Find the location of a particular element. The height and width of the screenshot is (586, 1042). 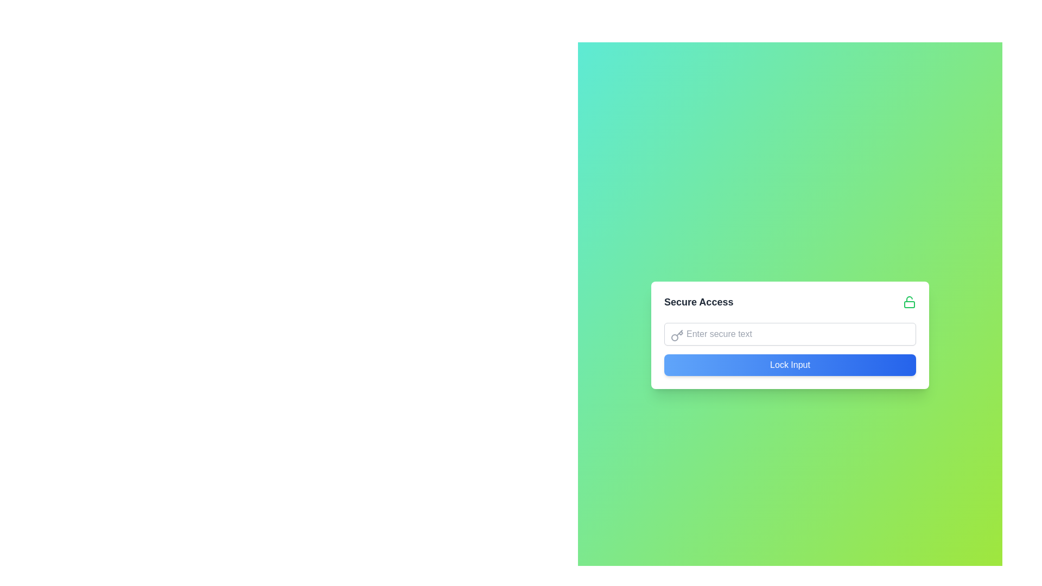

the left-most circular shape within the 'key' SVG icon located in the top-left corner of the input field labeled 'Enter secure text.' is located at coordinates (674, 337).